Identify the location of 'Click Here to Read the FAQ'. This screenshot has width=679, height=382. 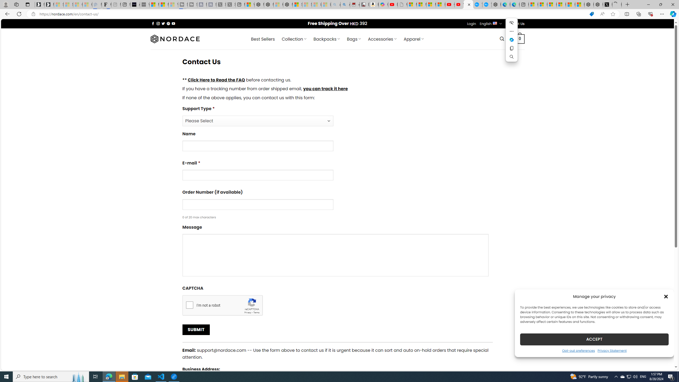
(216, 79).